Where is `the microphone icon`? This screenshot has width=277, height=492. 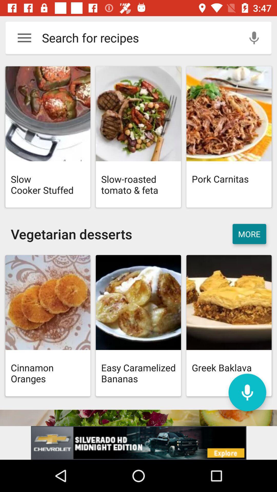 the microphone icon is located at coordinates (247, 392).